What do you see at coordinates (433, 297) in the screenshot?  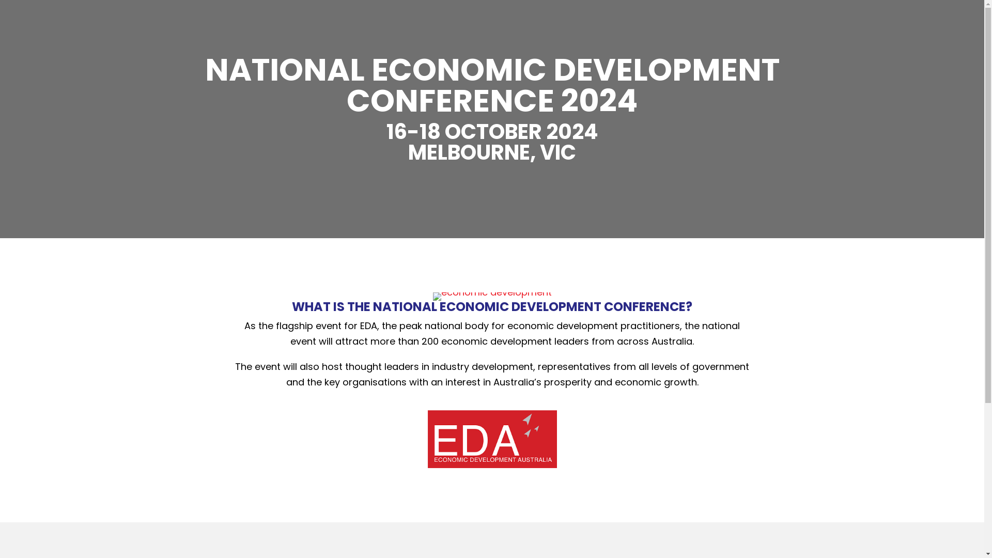 I see `'NEDC23 speakers (3)'` at bounding box center [433, 297].